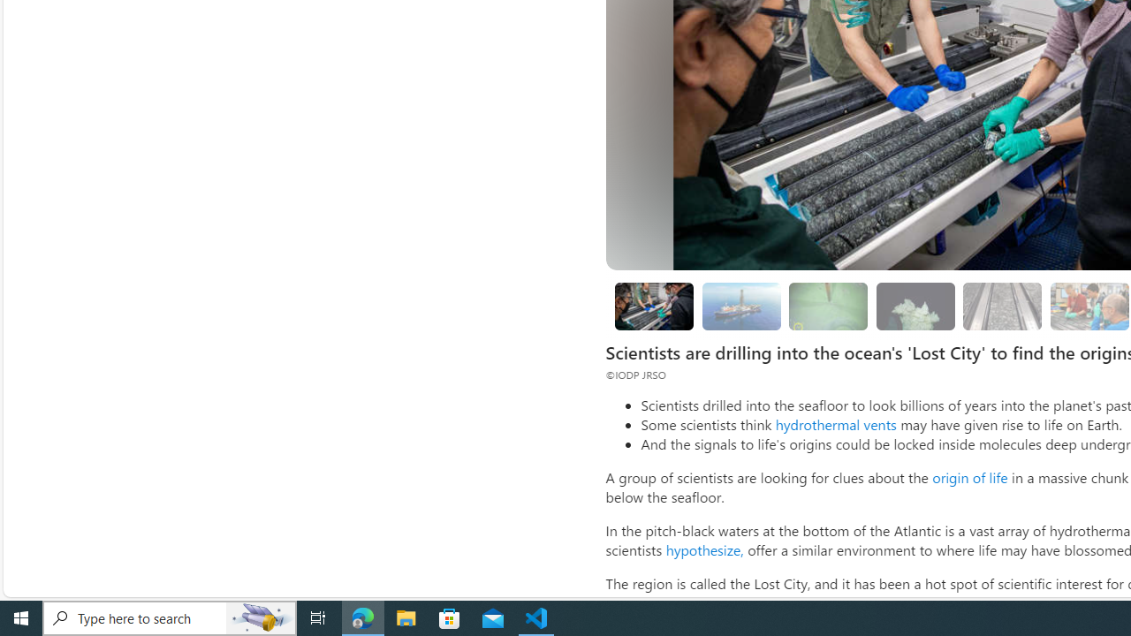 Image resolution: width=1131 pixels, height=636 pixels. Describe the element at coordinates (703, 549) in the screenshot. I see `'hypothesize,'` at that location.